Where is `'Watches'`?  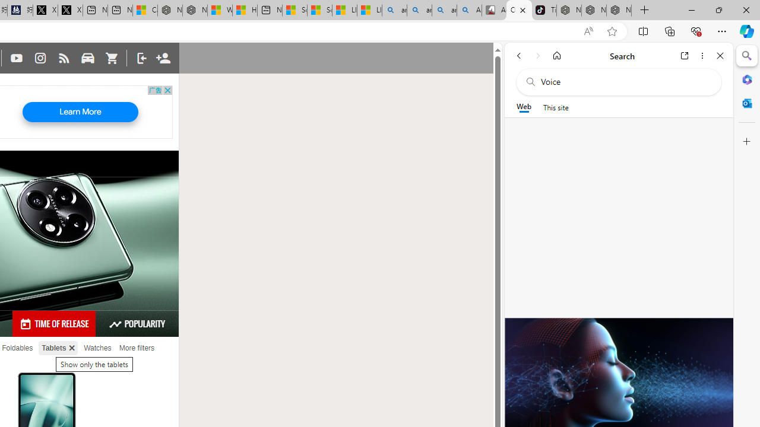 'Watches' is located at coordinates (97, 348).